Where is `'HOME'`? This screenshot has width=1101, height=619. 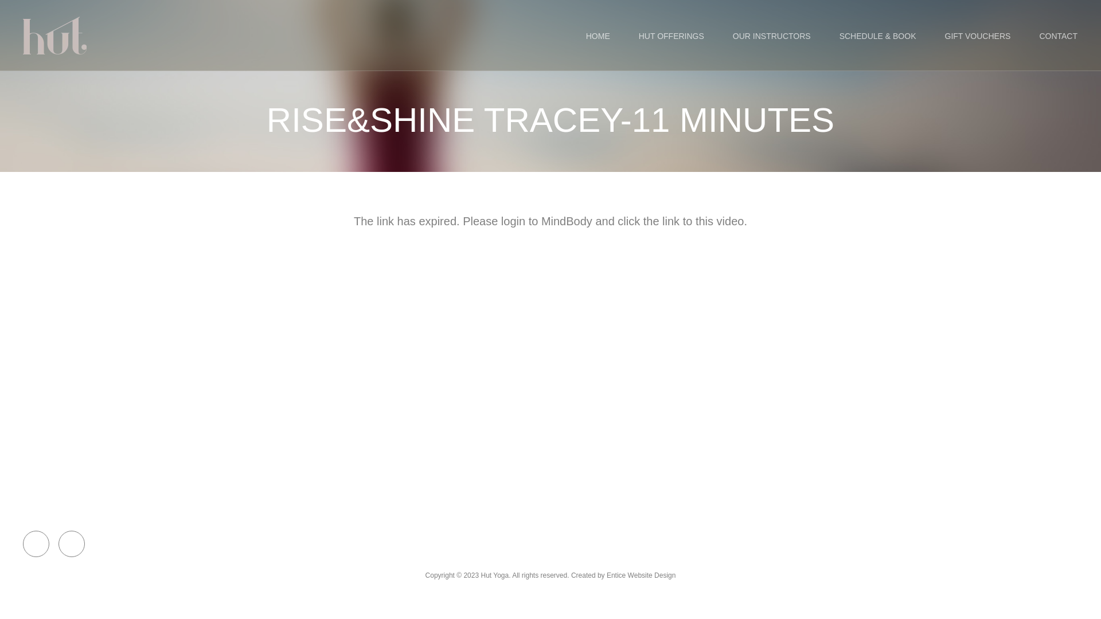 'HOME' is located at coordinates (597, 35).